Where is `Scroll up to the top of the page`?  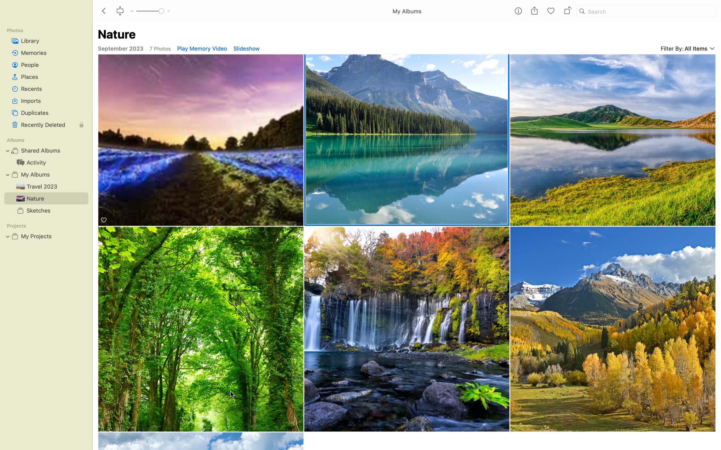
Scroll up to the top of the page is located at coordinates (1369179, 530100).